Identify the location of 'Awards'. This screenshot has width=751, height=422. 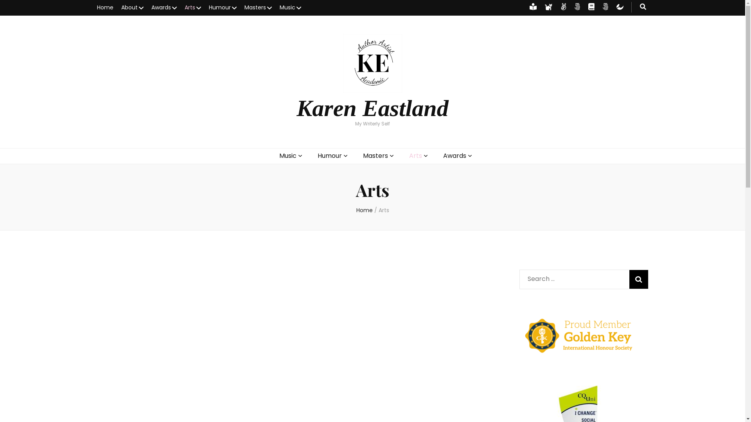
(443, 156).